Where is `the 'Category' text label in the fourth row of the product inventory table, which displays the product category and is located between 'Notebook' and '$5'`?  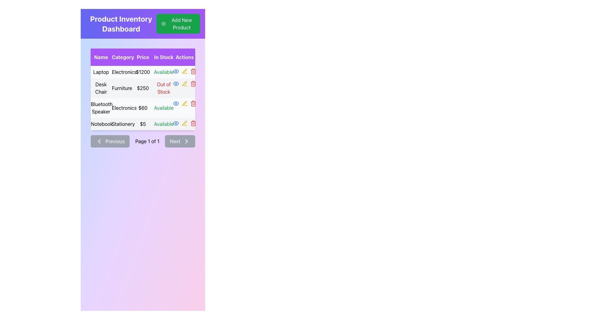 the 'Category' text label in the fourth row of the product inventory table, which displays the product category and is located between 'Notebook' and '$5' is located at coordinates (122, 124).